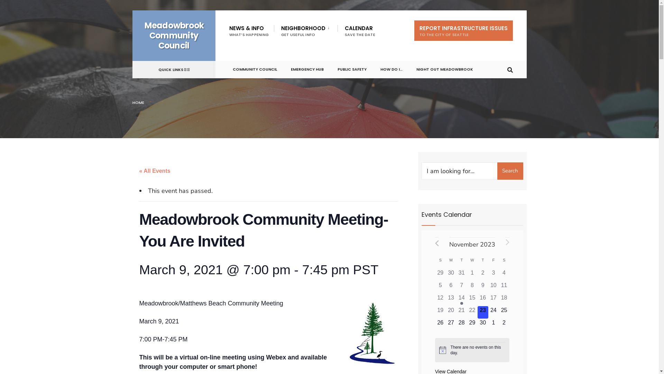 This screenshot has width=664, height=374. Describe the element at coordinates (440, 324) in the screenshot. I see `'0 events,` at that location.